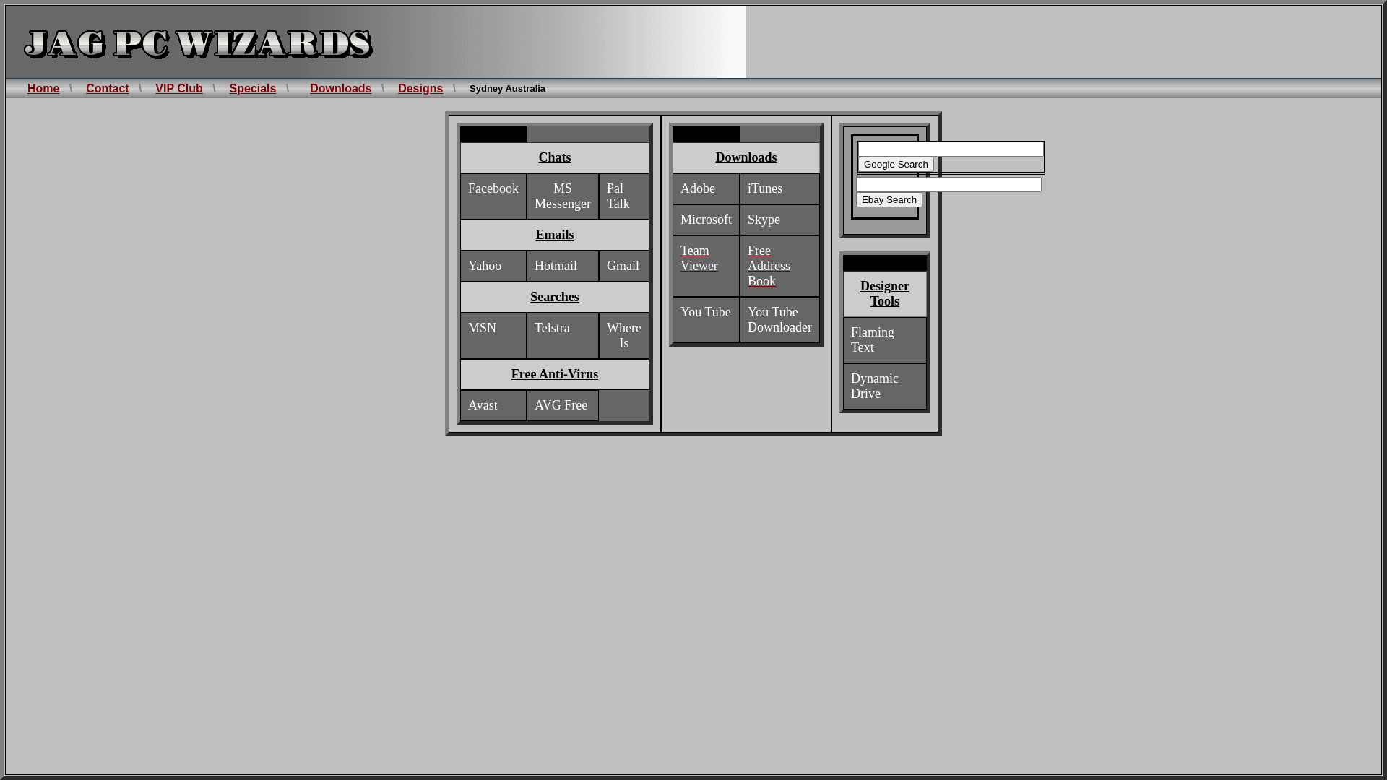 The height and width of the screenshot is (780, 1387). What do you see at coordinates (895, 163) in the screenshot?
I see `'Google Search'` at bounding box center [895, 163].